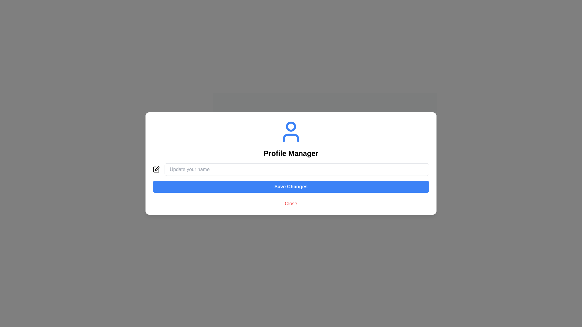  What do you see at coordinates (291, 139) in the screenshot?
I see `the 'Profile Manager' header section, which includes an icon and label text` at bounding box center [291, 139].